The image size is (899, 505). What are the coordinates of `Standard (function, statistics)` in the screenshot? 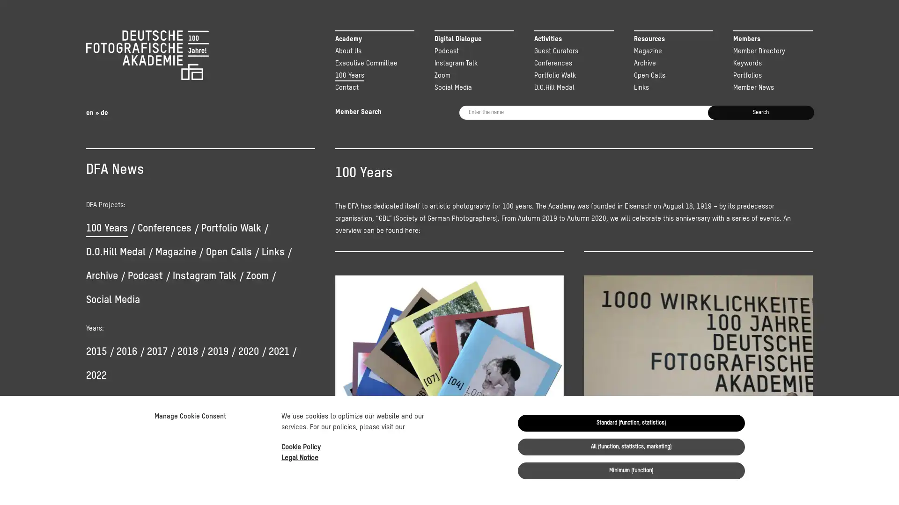 It's located at (631, 423).